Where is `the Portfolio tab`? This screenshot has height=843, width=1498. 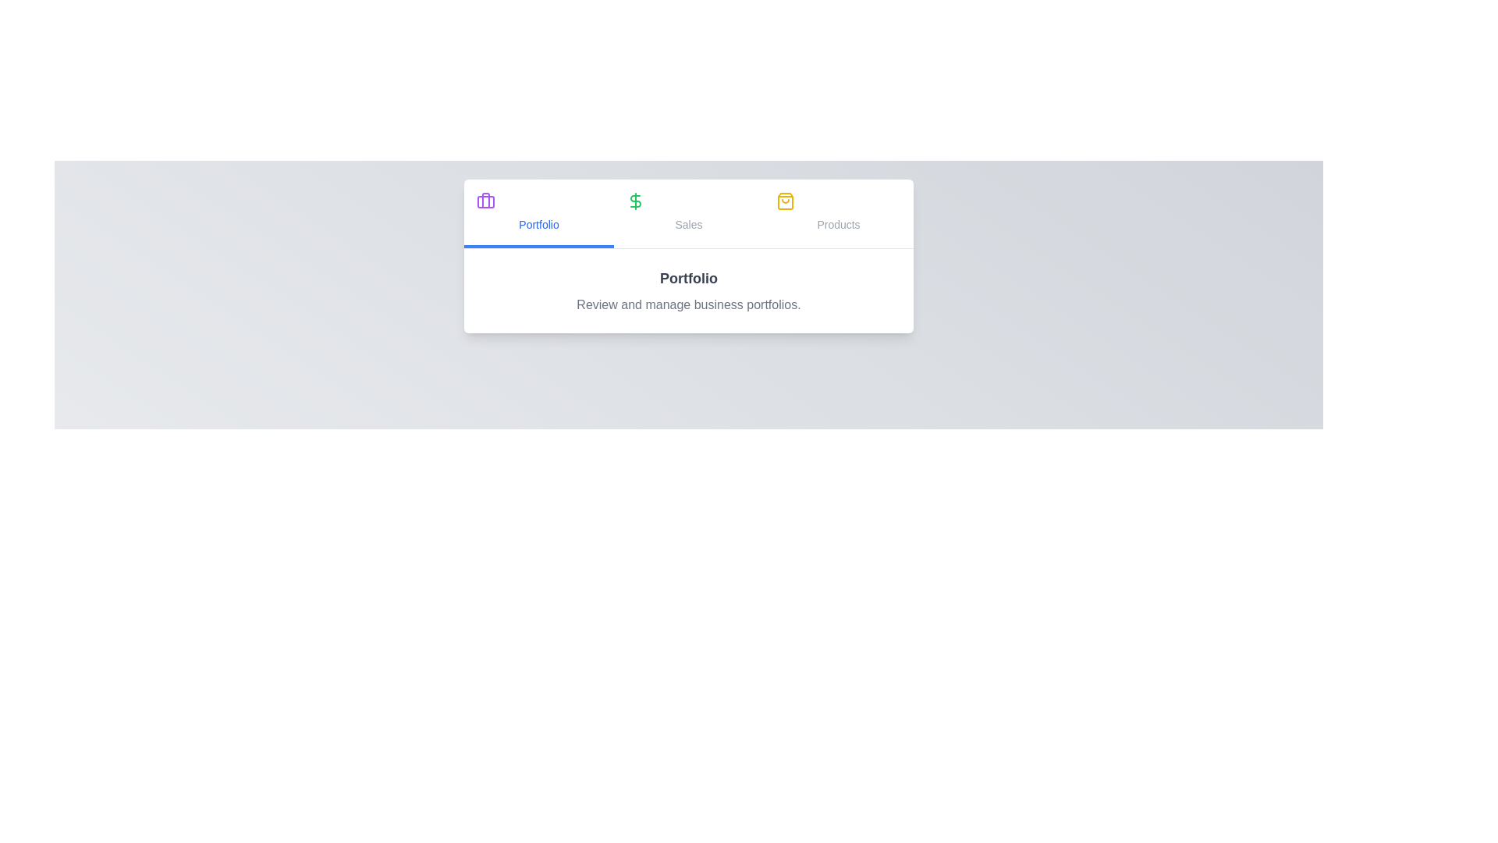
the Portfolio tab is located at coordinates (539, 213).